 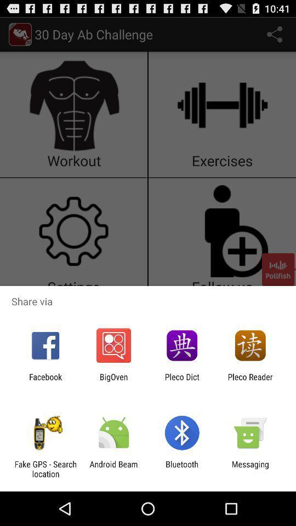 I want to click on the icon next to the bigoven app, so click(x=45, y=381).